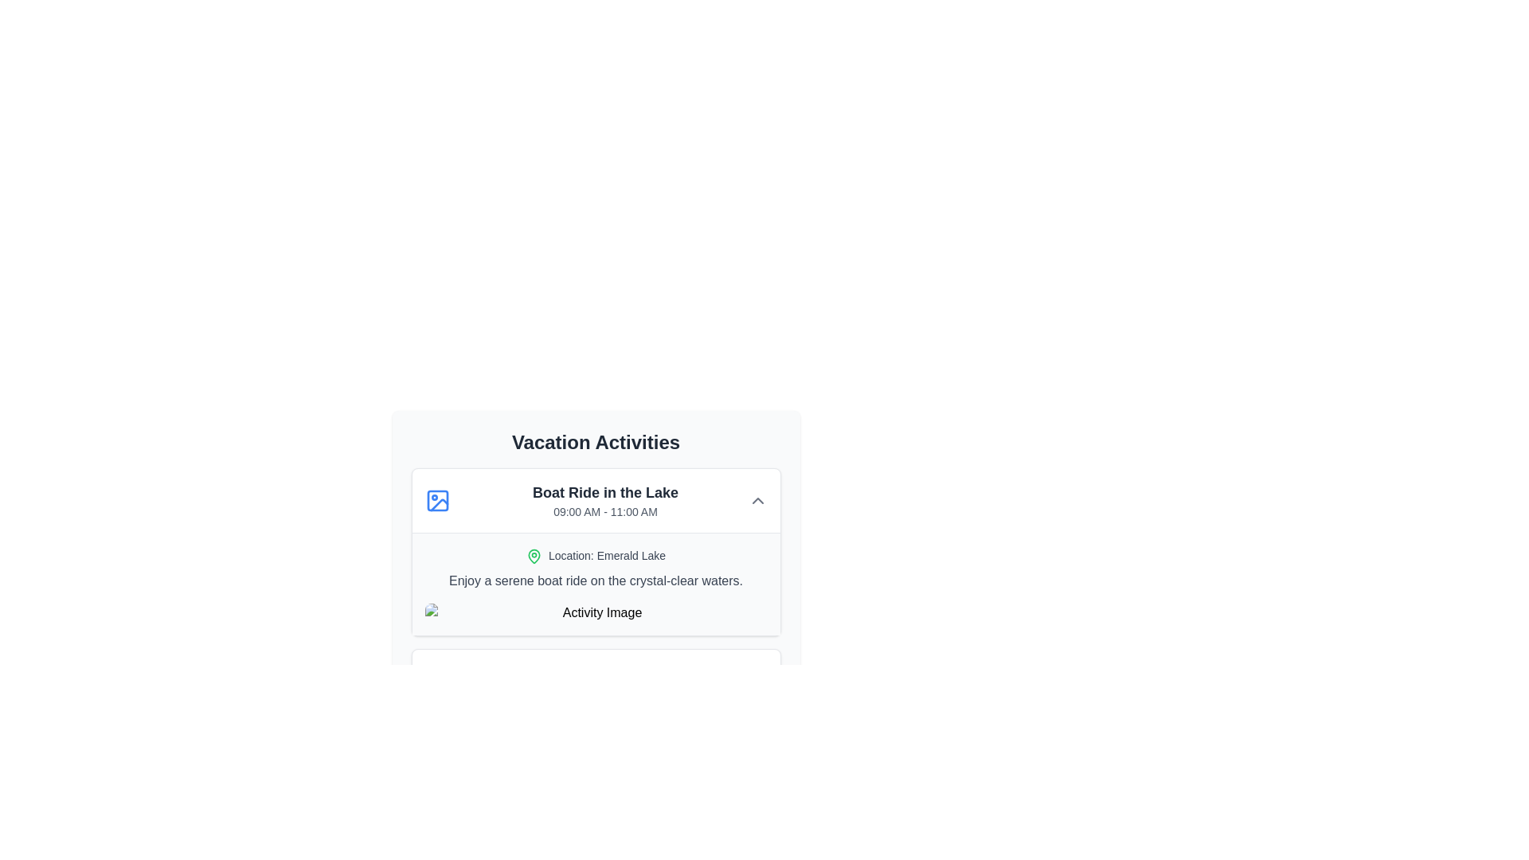 The height and width of the screenshot is (860, 1529). I want to click on the icon with a blue outline located to the left of the list item titled 'Boat Ride in the Lake', so click(437, 499).